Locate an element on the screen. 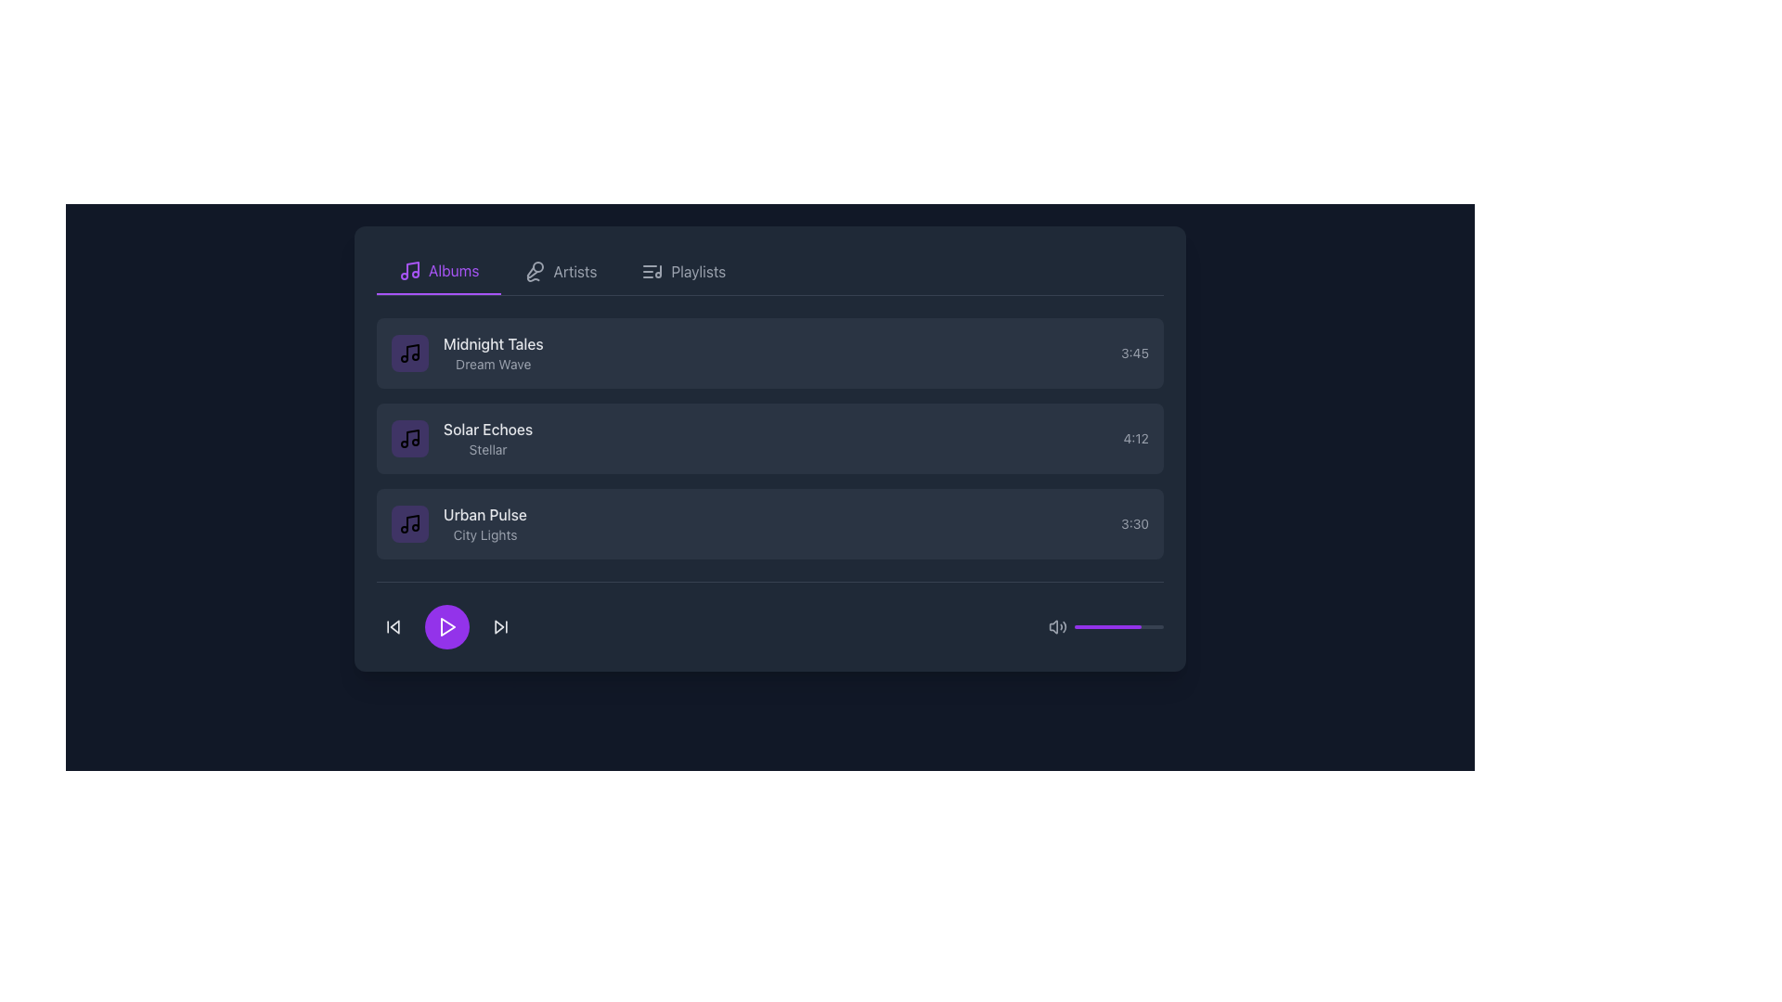  the music note icon with a purple outline located in the third row of the menu next to 'Urban Pulse' and 'City Lights' is located at coordinates (408, 523).